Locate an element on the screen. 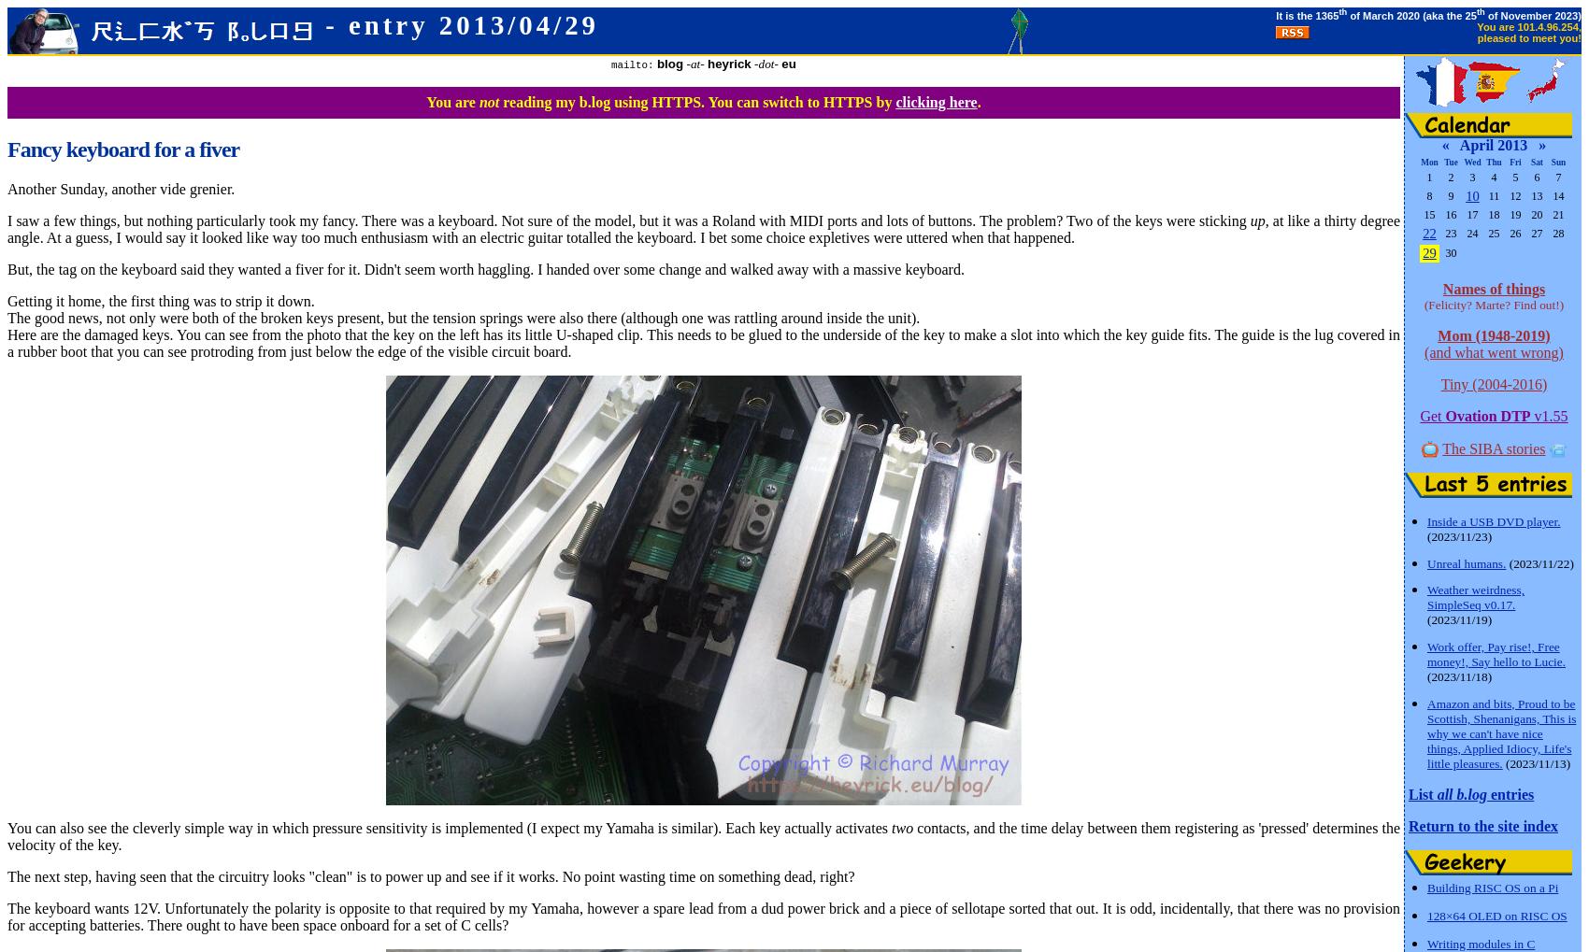 This screenshot has width=1589, height=952. 'pleased to meet you!' is located at coordinates (1528, 36).